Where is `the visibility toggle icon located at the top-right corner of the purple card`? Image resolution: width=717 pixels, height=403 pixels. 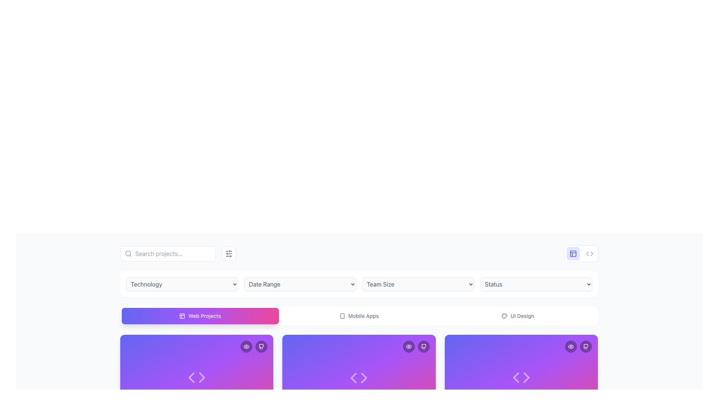 the visibility toggle icon located at the top-right corner of the purple card is located at coordinates (571, 347).